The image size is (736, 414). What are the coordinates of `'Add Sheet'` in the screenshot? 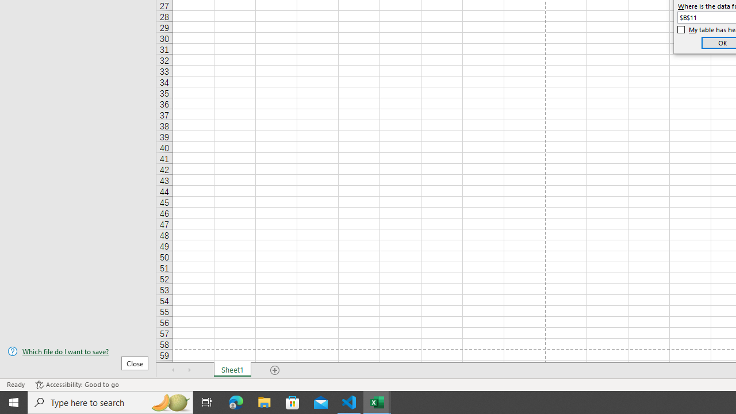 It's located at (274, 370).